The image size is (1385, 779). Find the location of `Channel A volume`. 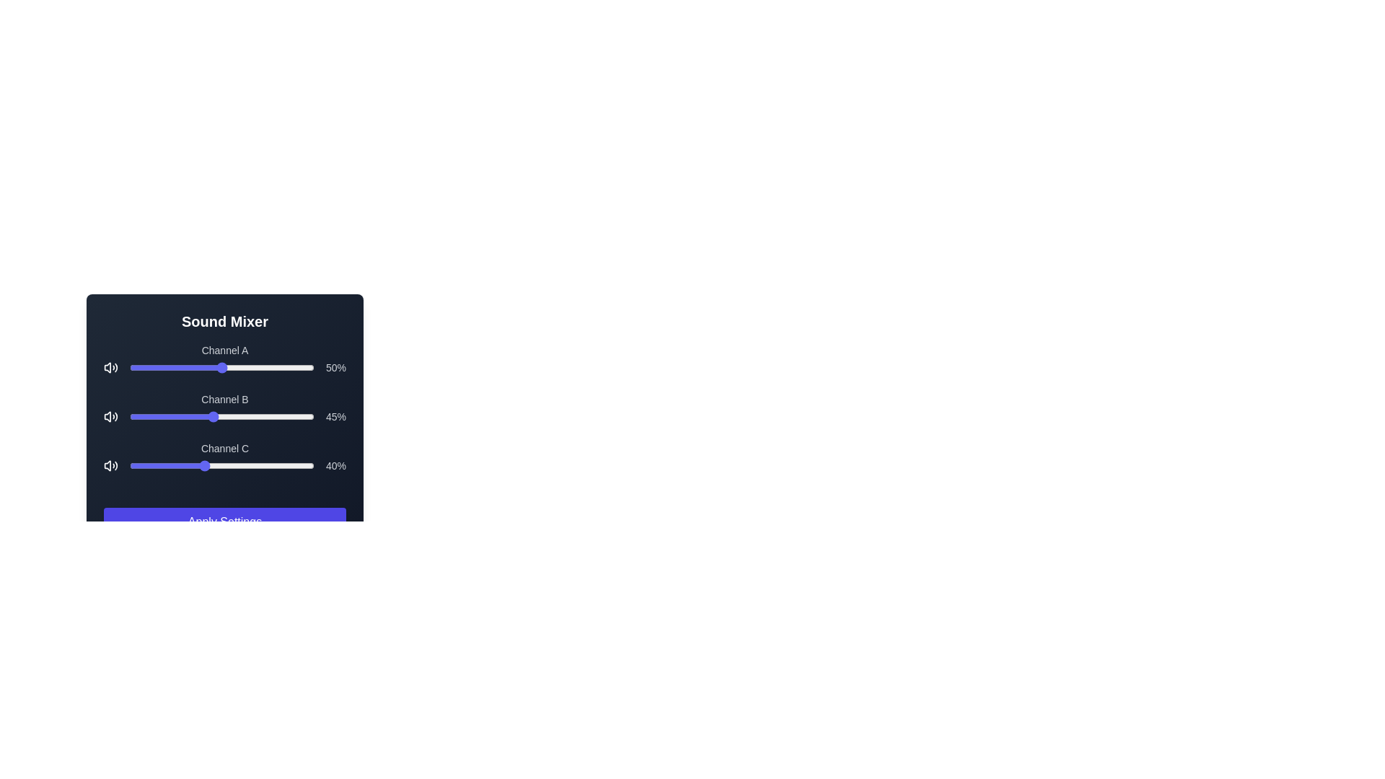

Channel A volume is located at coordinates (197, 366).